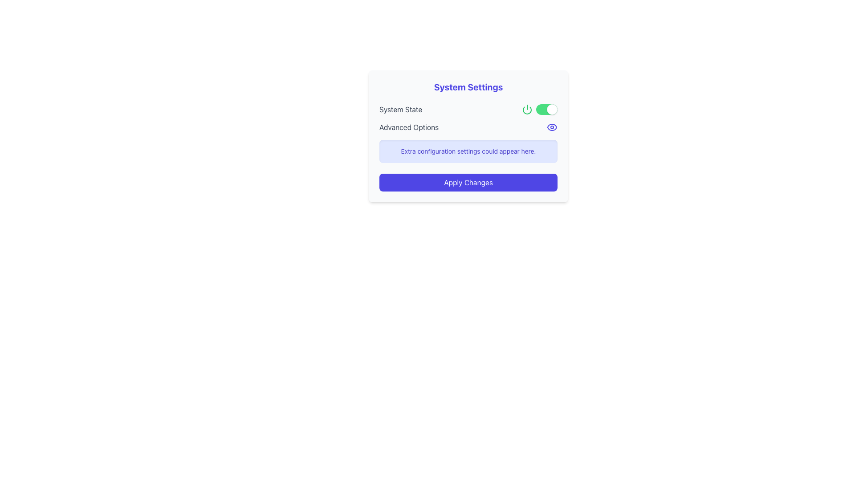 The image size is (855, 481). I want to click on the toggle switch located, so click(539, 109).